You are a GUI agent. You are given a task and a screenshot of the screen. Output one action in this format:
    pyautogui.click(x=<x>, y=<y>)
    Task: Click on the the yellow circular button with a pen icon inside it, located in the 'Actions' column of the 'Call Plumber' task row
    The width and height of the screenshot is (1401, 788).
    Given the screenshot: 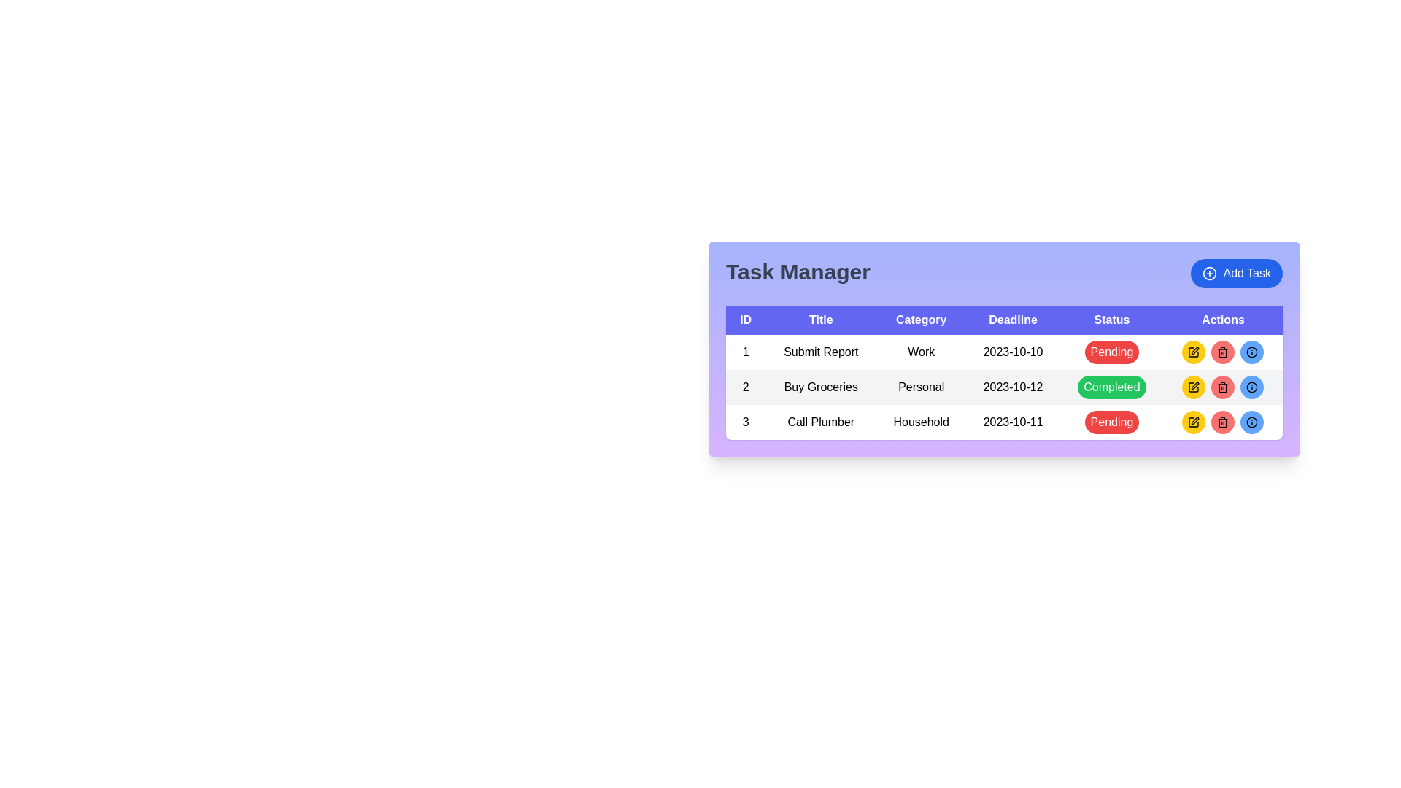 What is the action you would take?
    pyautogui.click(x=1194, y=422)
    